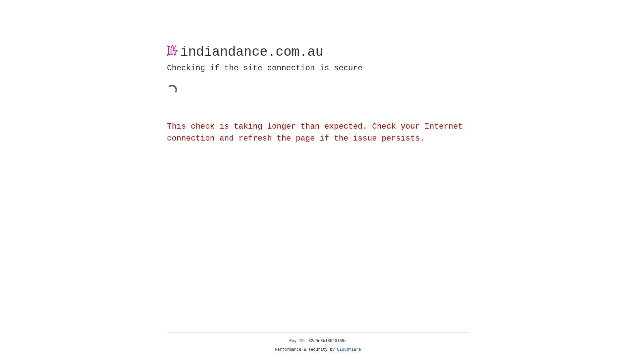  What do you see at coordinates (349, 349) in the screenshot?
I see `'Cloudflare'` at bounding box center [349, 349].